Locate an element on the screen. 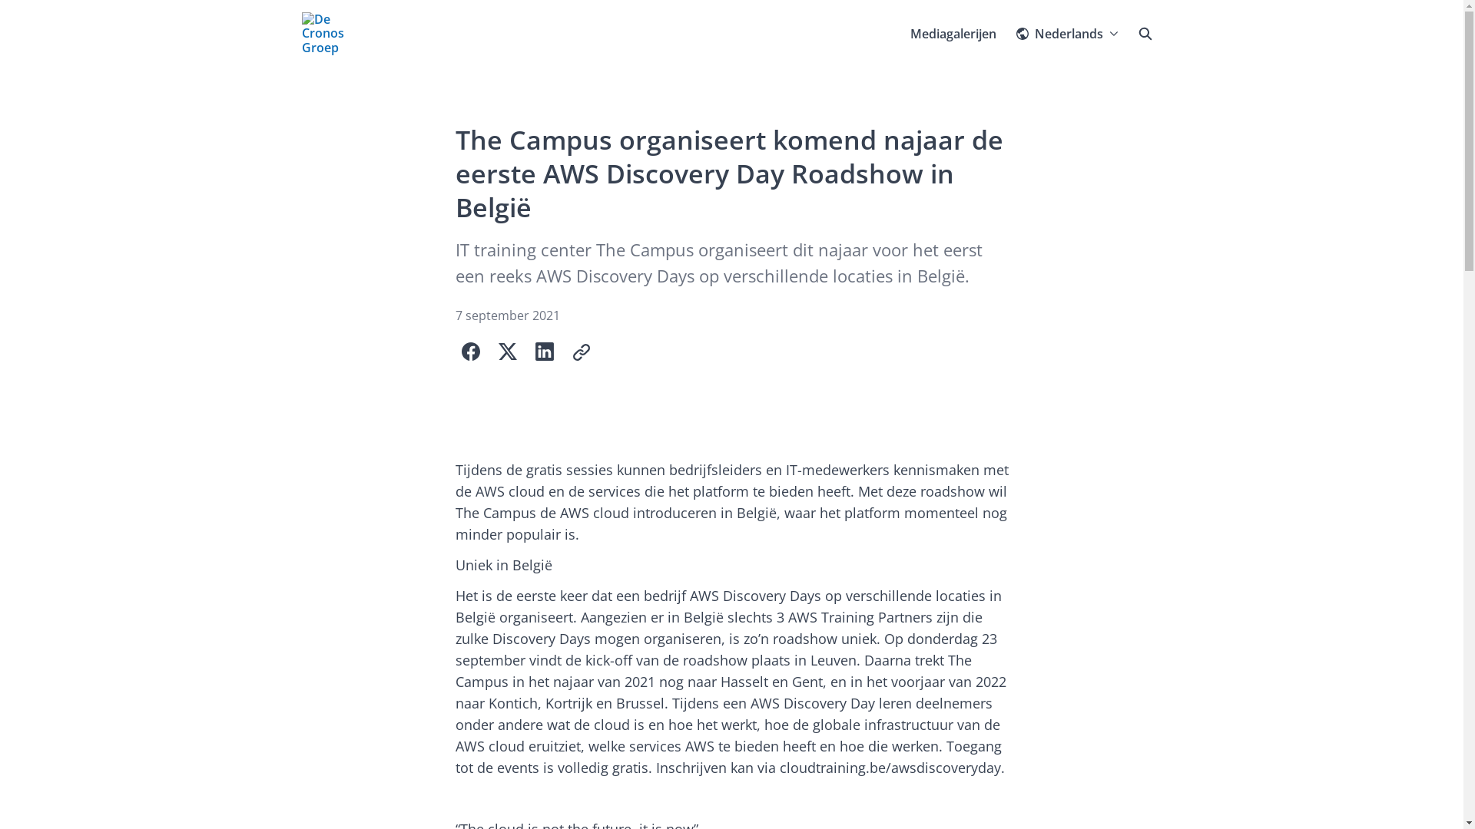 The width and height of the screenshot is (1475, 829). 'DE CRONOS GROEP' is located at coordinates (301, 33).